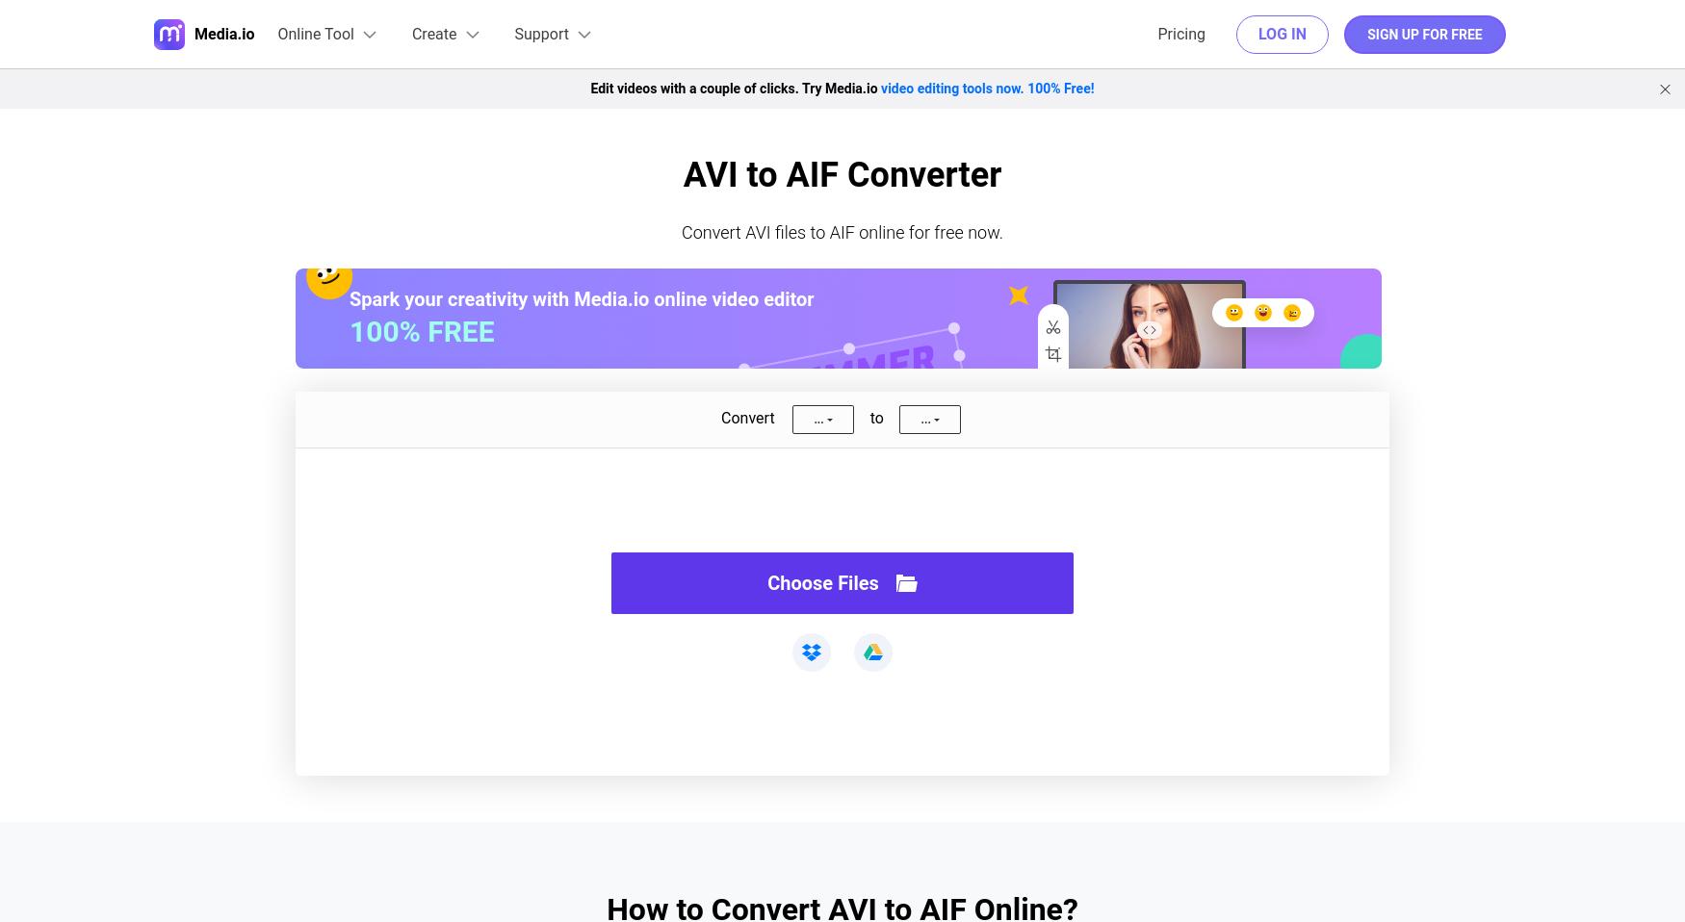 The image size is (1685, 922). What do you see at coordinates (1424, 34) in the screenshot?
I see `'SIGN UP FOR FREE'` at bounding box center [1424, 34].